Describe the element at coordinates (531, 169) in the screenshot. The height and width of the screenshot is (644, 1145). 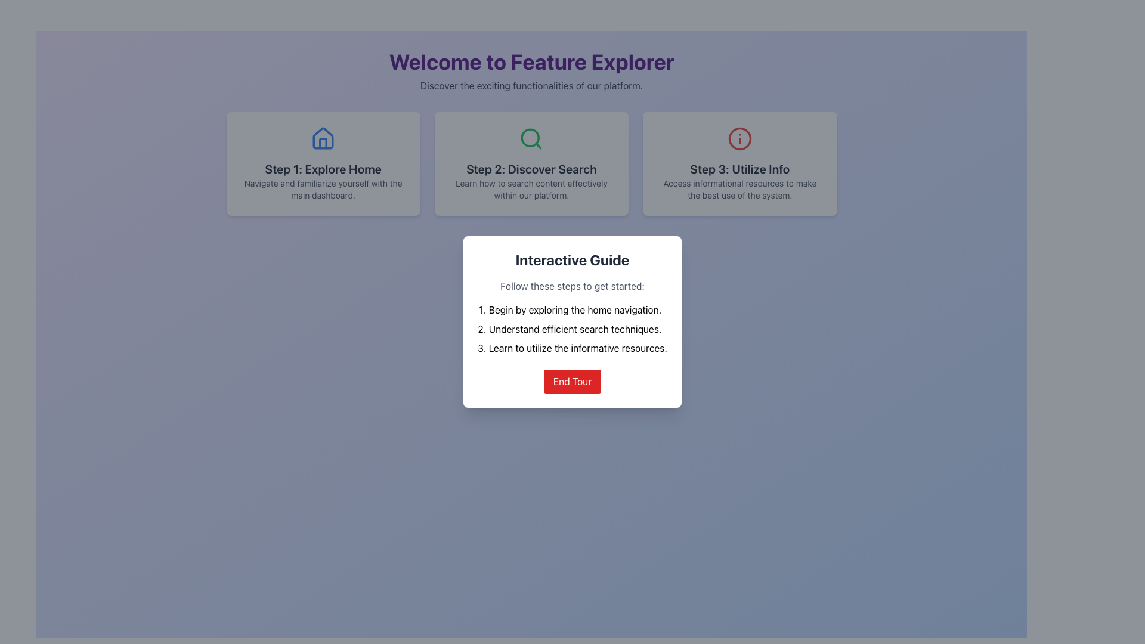
I see `the Text header element that serves as a step title in the guided tutorial interface, located centrally among three horizontal cards, above the text 'Learn how to search content effectively within our platform.' and below a magnifying glass icon` at that location.